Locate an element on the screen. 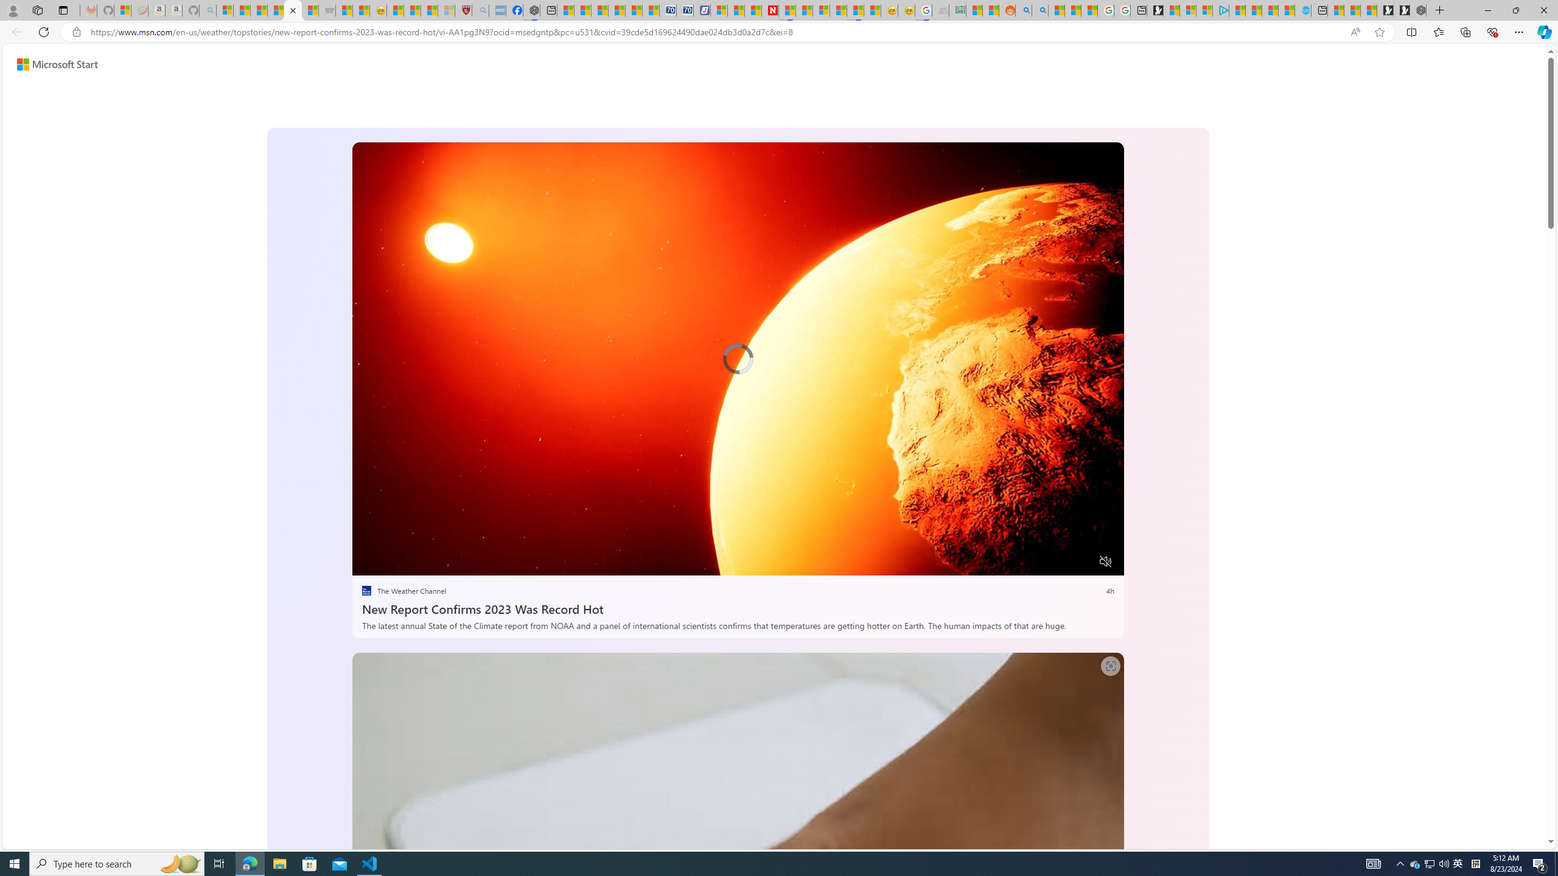 This screenshot has height=876, width=1558. 'Fullscreen' is located at coordinates (1082, 561).